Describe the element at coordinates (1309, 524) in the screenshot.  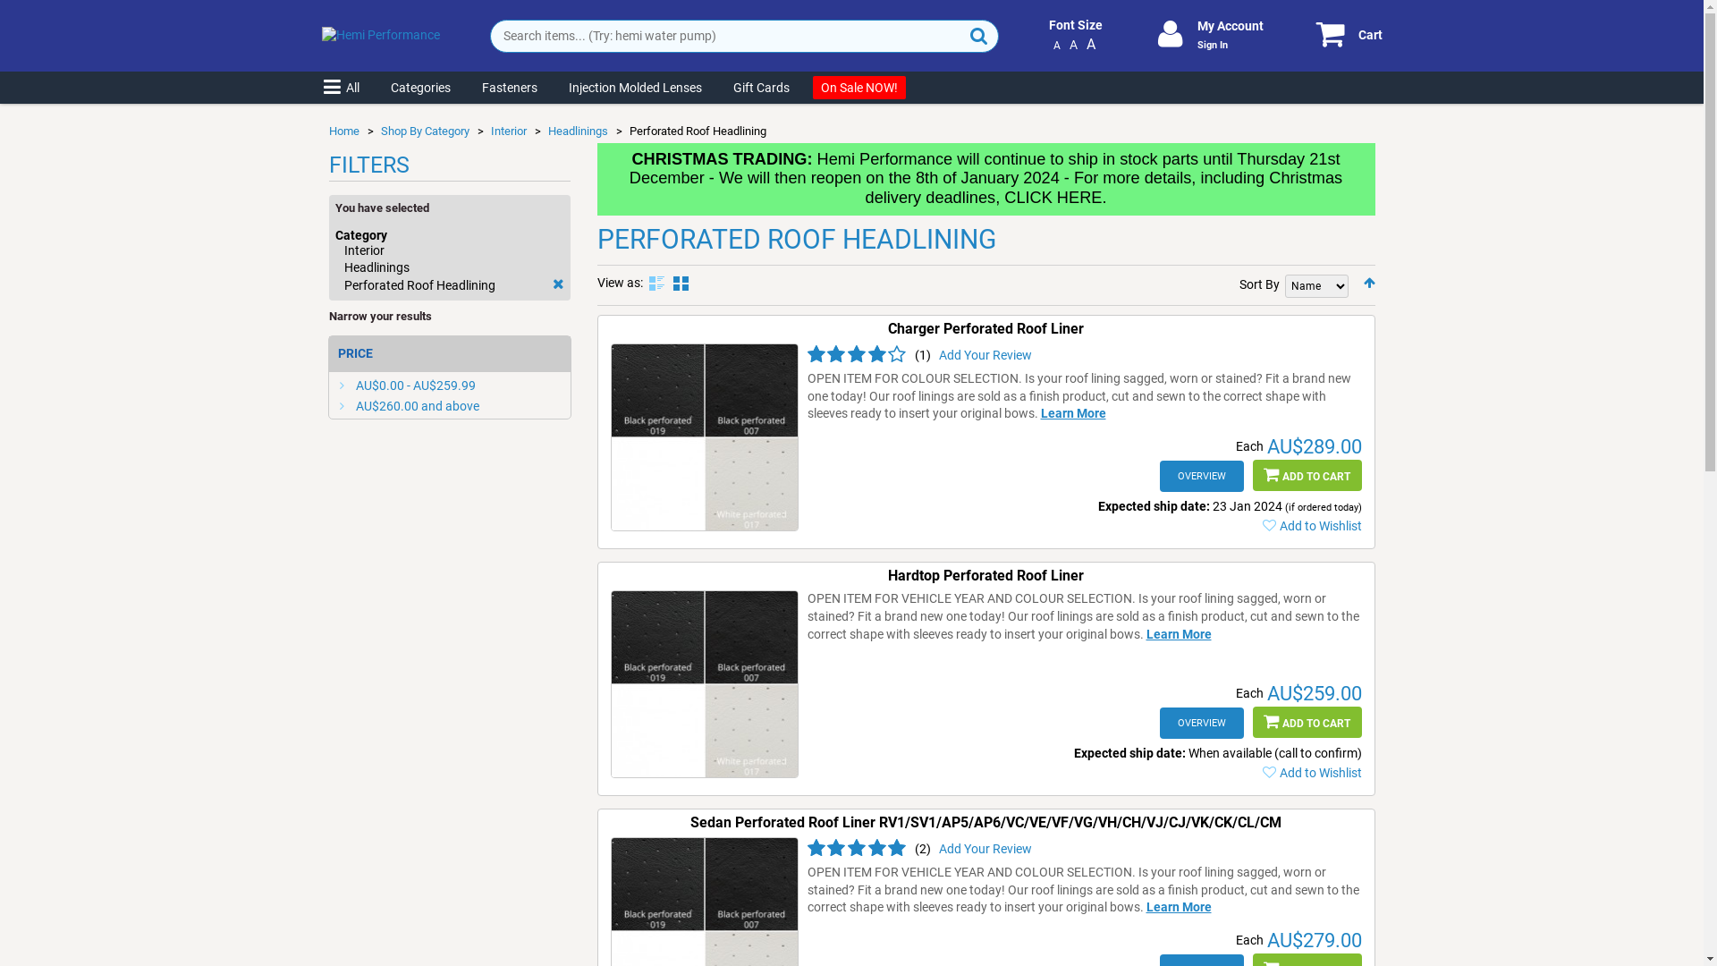
I see `'Add to Wishlist'` at that location.